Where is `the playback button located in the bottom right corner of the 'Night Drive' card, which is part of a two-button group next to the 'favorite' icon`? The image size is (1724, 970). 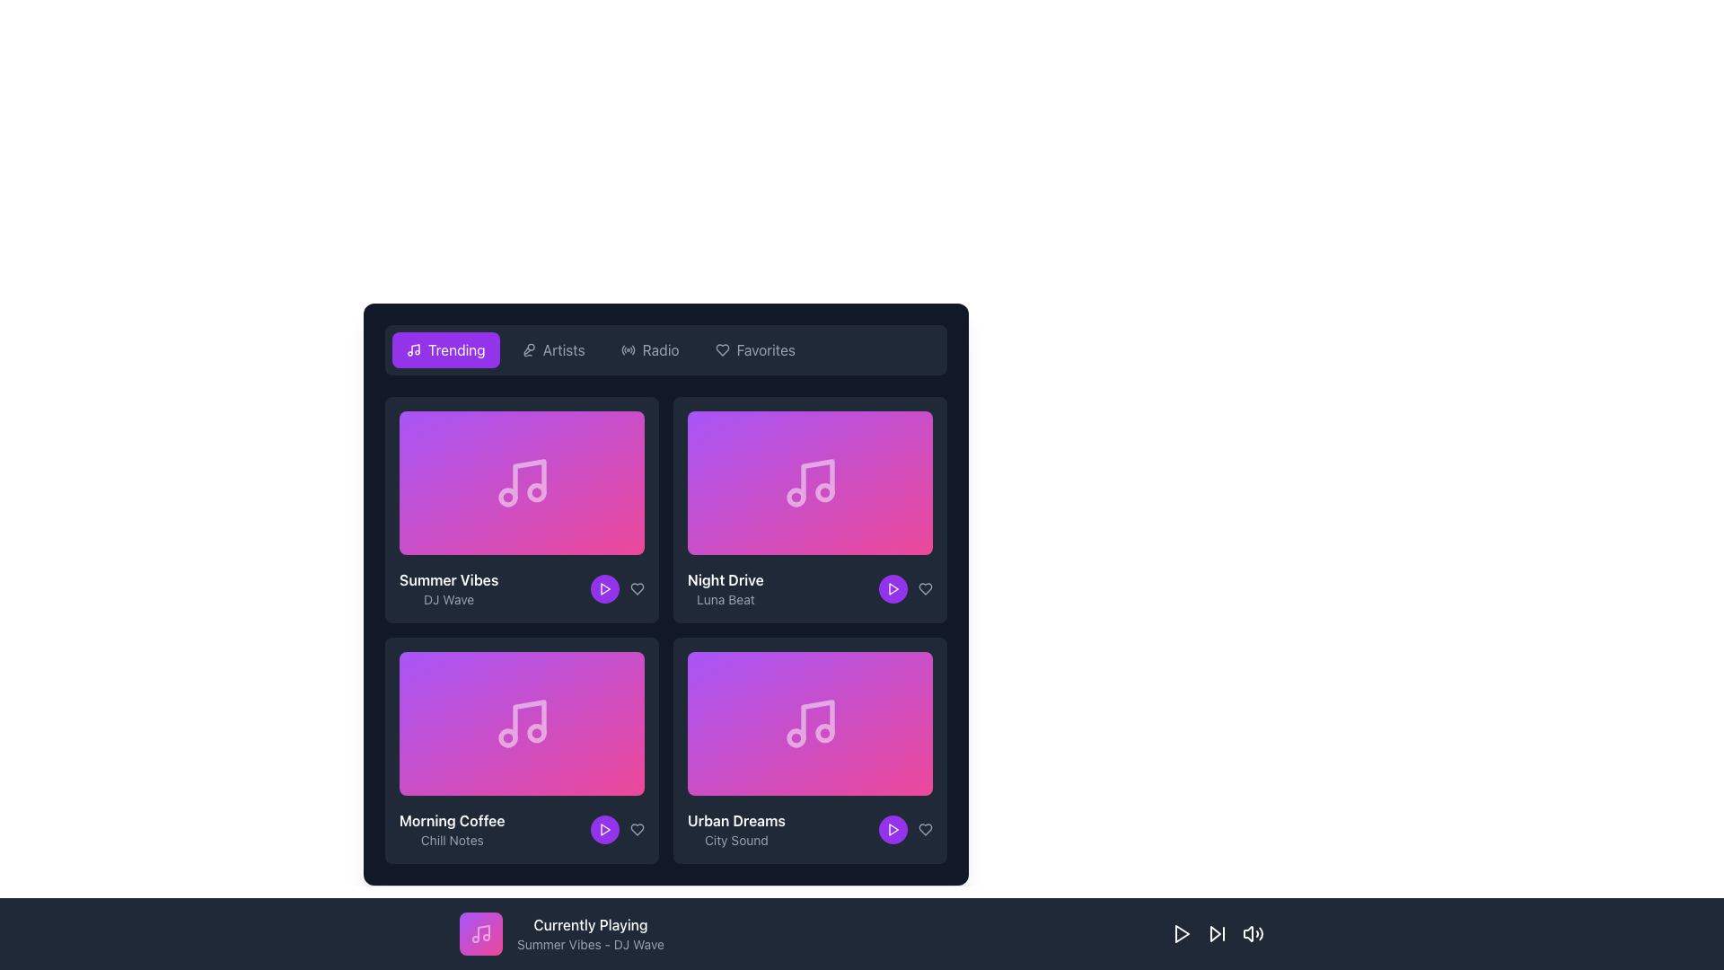
the playback button located in the bottom right corner of the 'Night Drive' card, which is part of a two-button group next to the 'favorite' icon is located at coordinates (893, 588).